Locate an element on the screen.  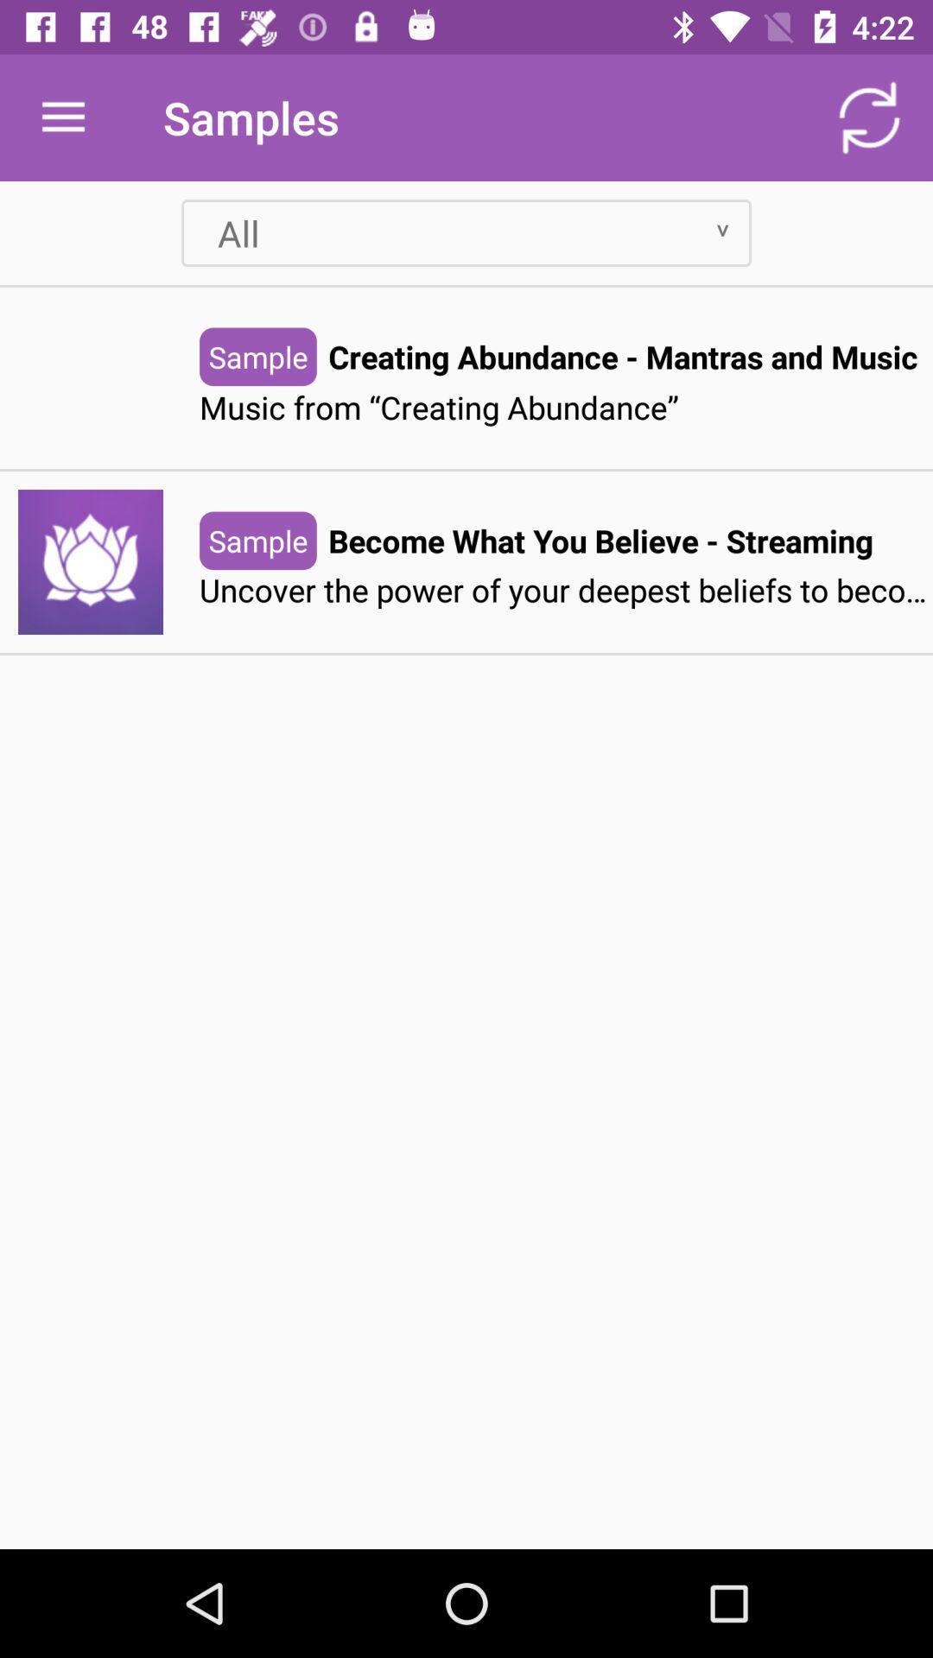
the option all at the top of the screen is located at coordinates (466, 231).